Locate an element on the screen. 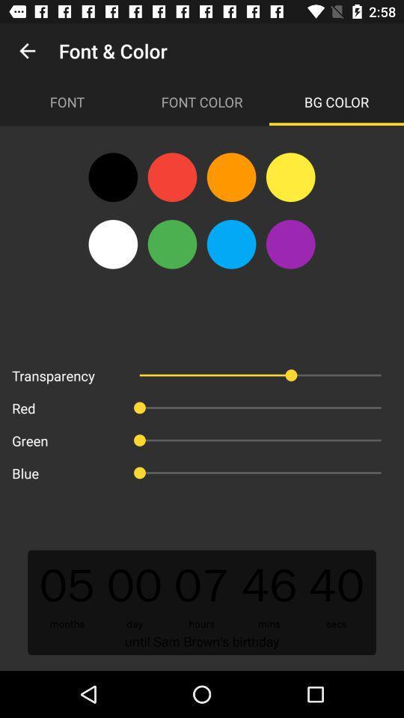 The height and width of the screenshot is (718, 404). item next to font & color app is located at coordinates (27, 51).